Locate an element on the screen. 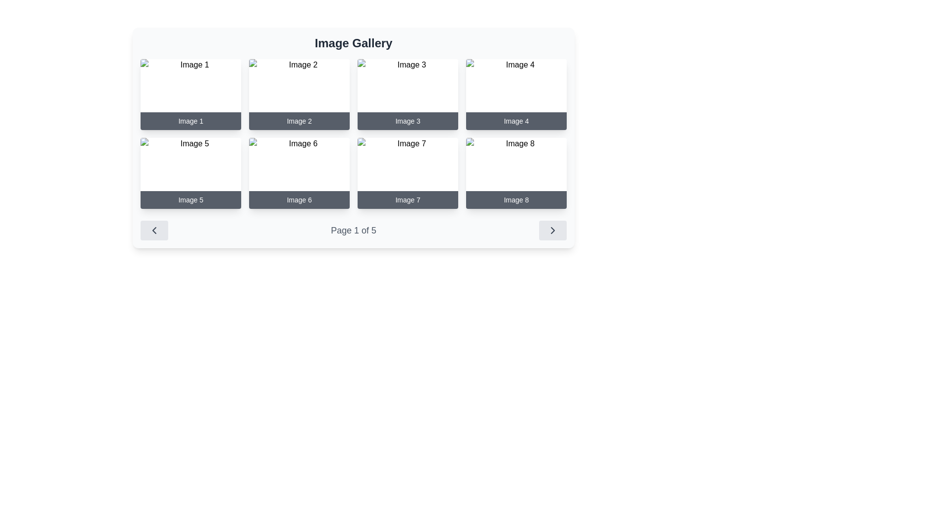 The width and height of the screenshot is (947, 532). the black, left-pointing chevron arrow icon located in the bottom-left corner of the interface is located at coordinates (153, 230).